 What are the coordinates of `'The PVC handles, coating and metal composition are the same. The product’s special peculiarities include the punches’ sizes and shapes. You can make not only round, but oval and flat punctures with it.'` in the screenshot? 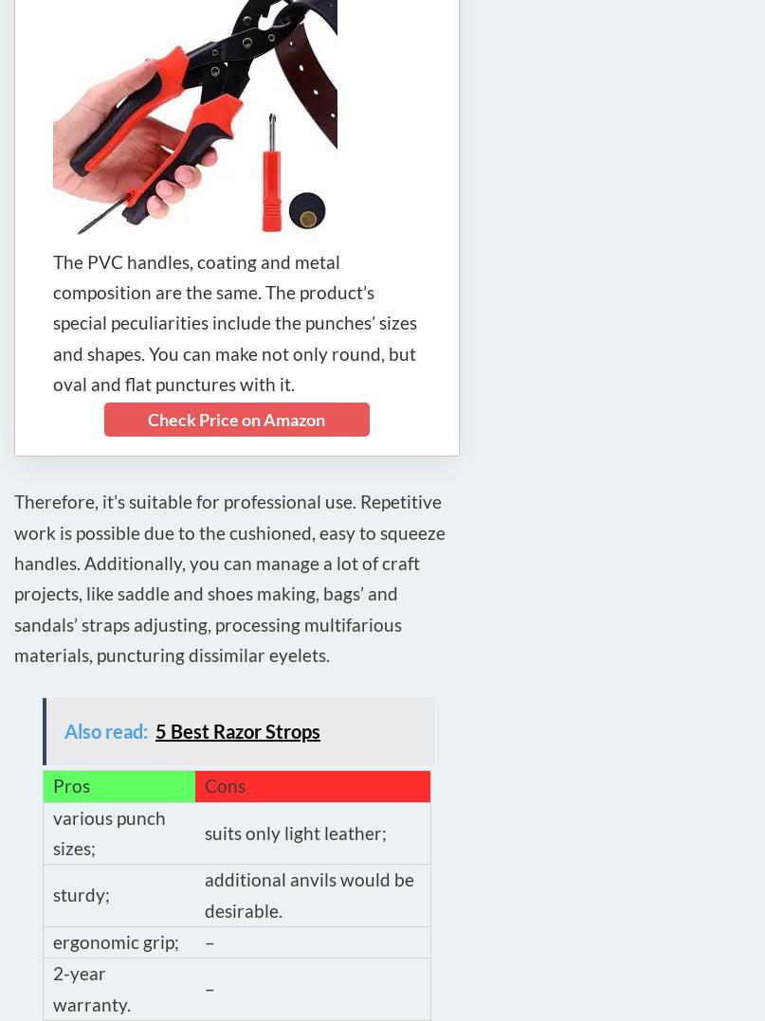 It's located at (53, 321).